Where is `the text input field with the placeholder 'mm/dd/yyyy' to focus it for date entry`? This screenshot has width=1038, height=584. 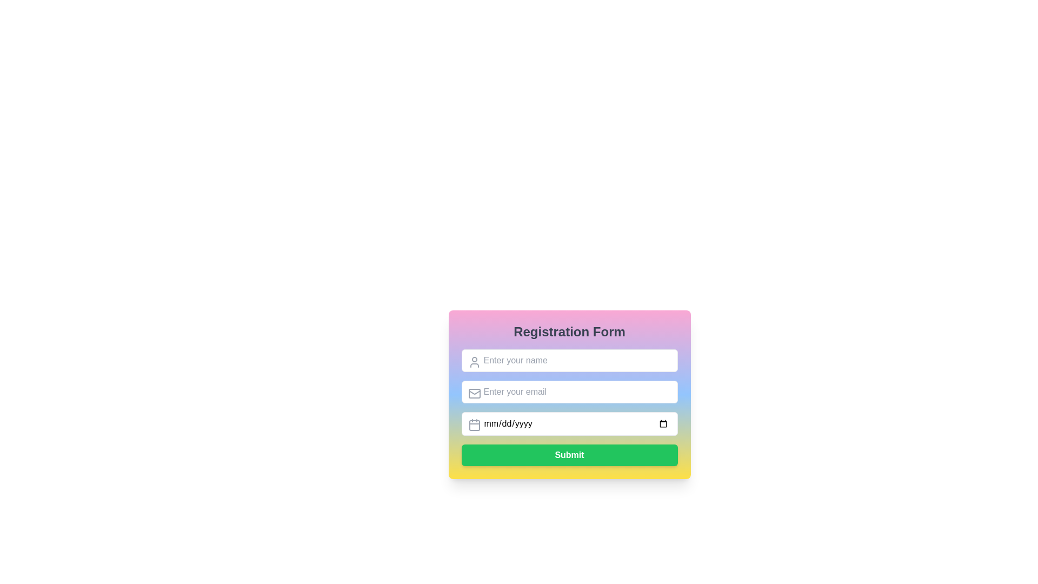
the text input field with the placeholder 'mm/dd/yyyy' to focus it for date entry is located at coordinates (569, 407).